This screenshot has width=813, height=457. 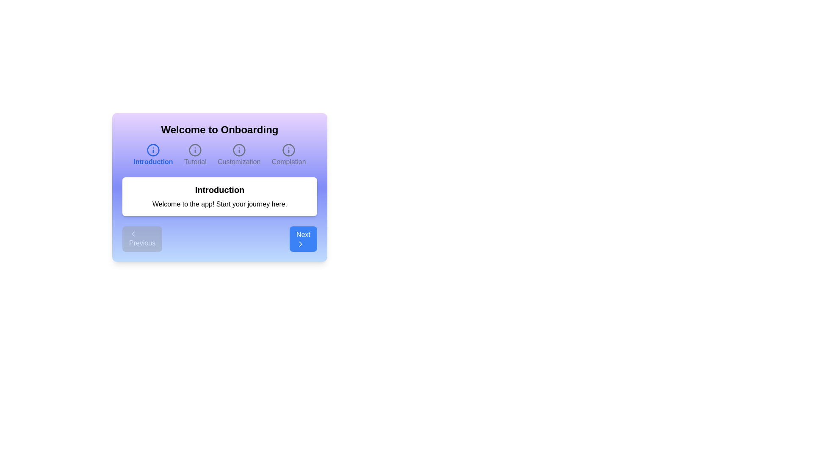 I want to click on the innermost circular shape of the first onboarding icon, positioned above the 'Introduction' label and below the 'Welcome to Onboarding' heading, so click(x=153, y=149).